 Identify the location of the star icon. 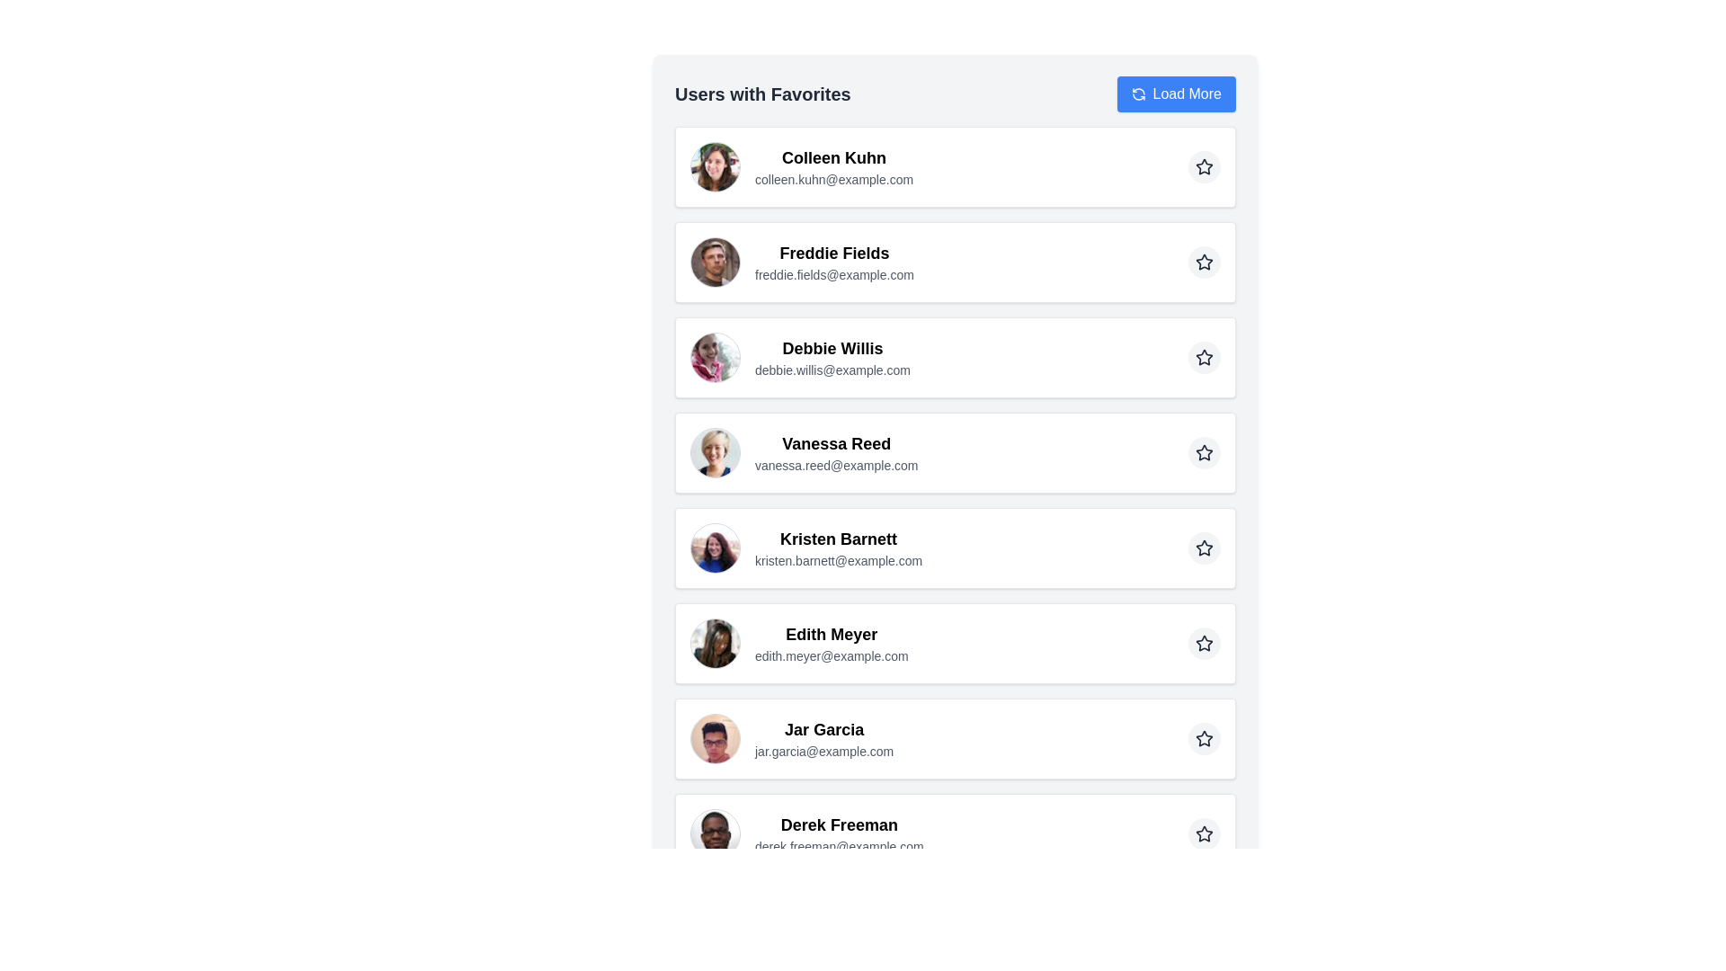
(1204, 547).